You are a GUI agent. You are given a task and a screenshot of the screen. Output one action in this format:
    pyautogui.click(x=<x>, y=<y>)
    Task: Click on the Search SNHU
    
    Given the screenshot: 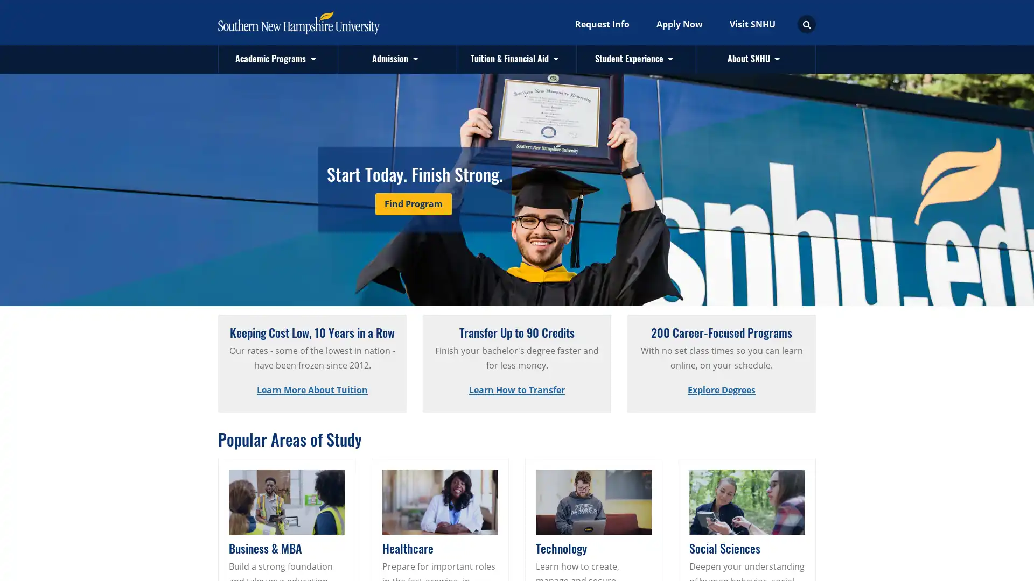 What is the action you would take?
    pyautogui.click(x=806, y=24)
    